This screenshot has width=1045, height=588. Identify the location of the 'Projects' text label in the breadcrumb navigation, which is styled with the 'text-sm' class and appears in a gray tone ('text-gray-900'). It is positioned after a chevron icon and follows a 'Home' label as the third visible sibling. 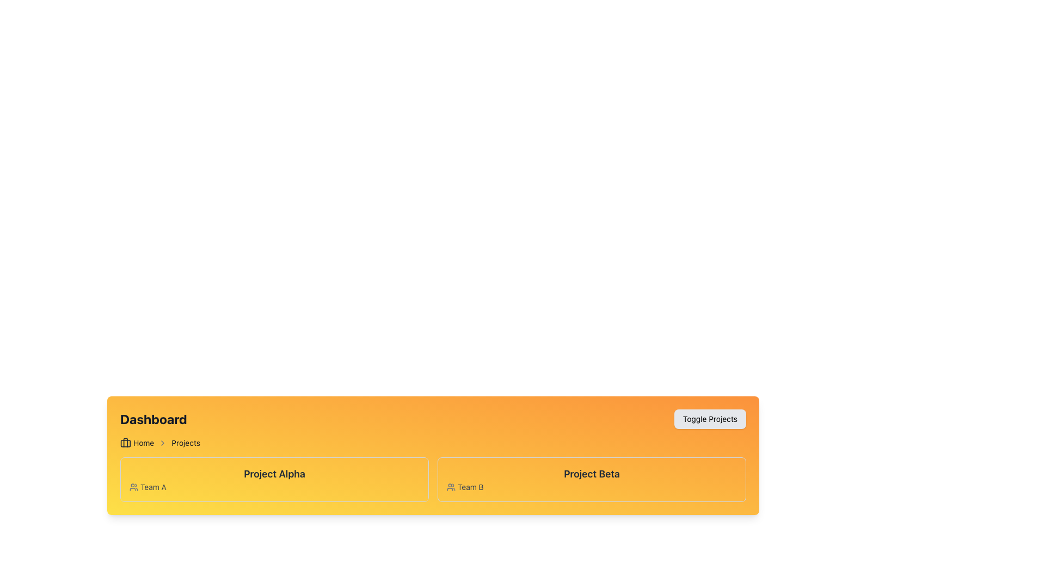
(186, 443).